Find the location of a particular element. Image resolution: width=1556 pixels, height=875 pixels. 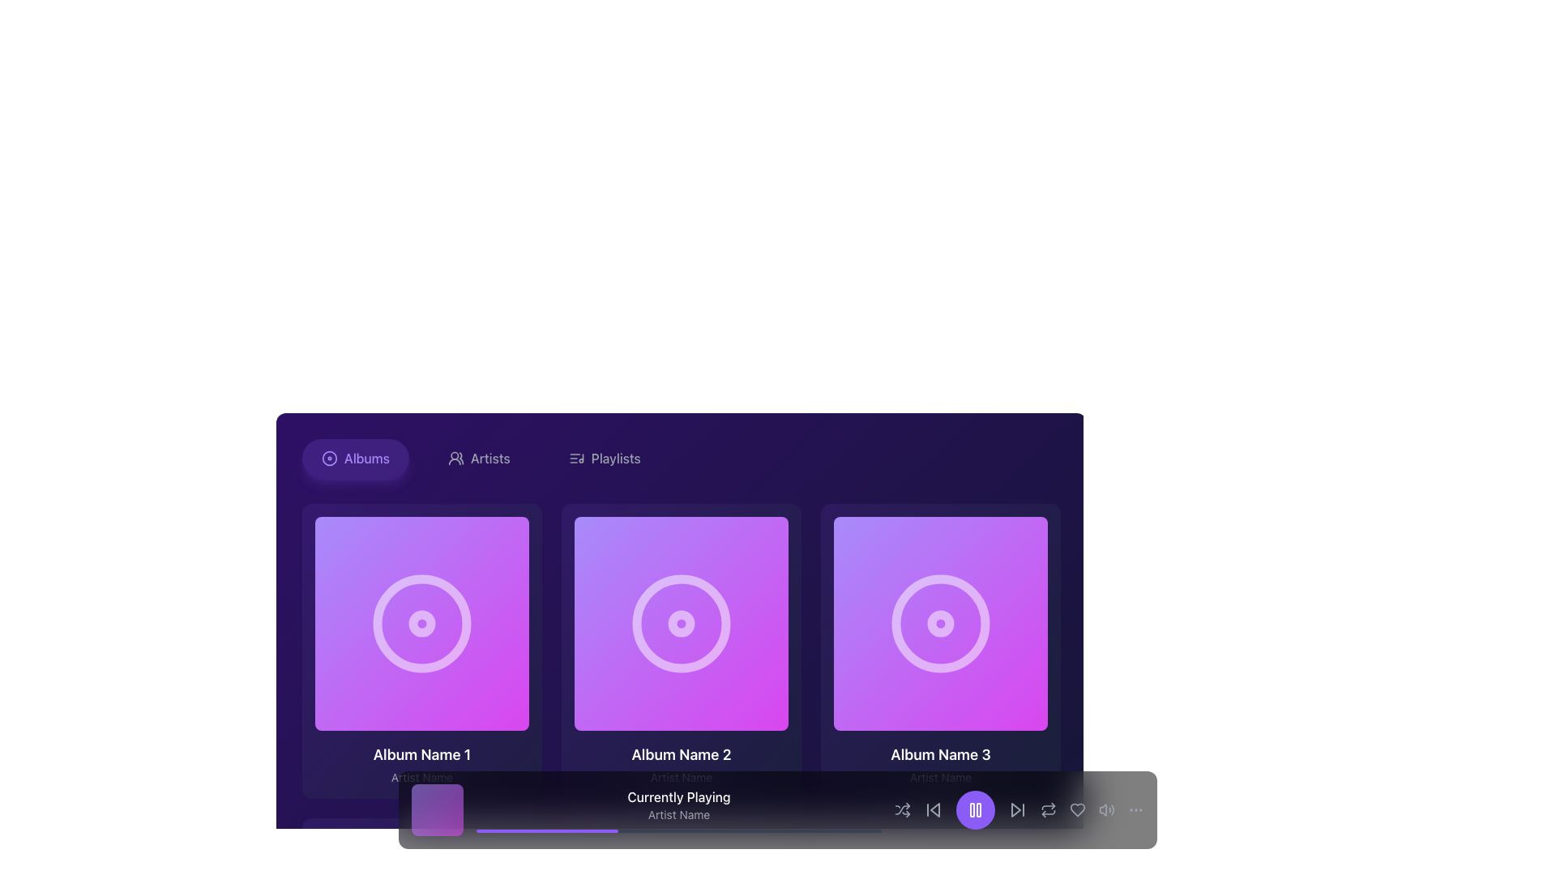

the small circular component styled like a dot, which is located at the center of a larger circular structure within the third album block titled 'Album Name 3' is located at coordinates (941, 623).